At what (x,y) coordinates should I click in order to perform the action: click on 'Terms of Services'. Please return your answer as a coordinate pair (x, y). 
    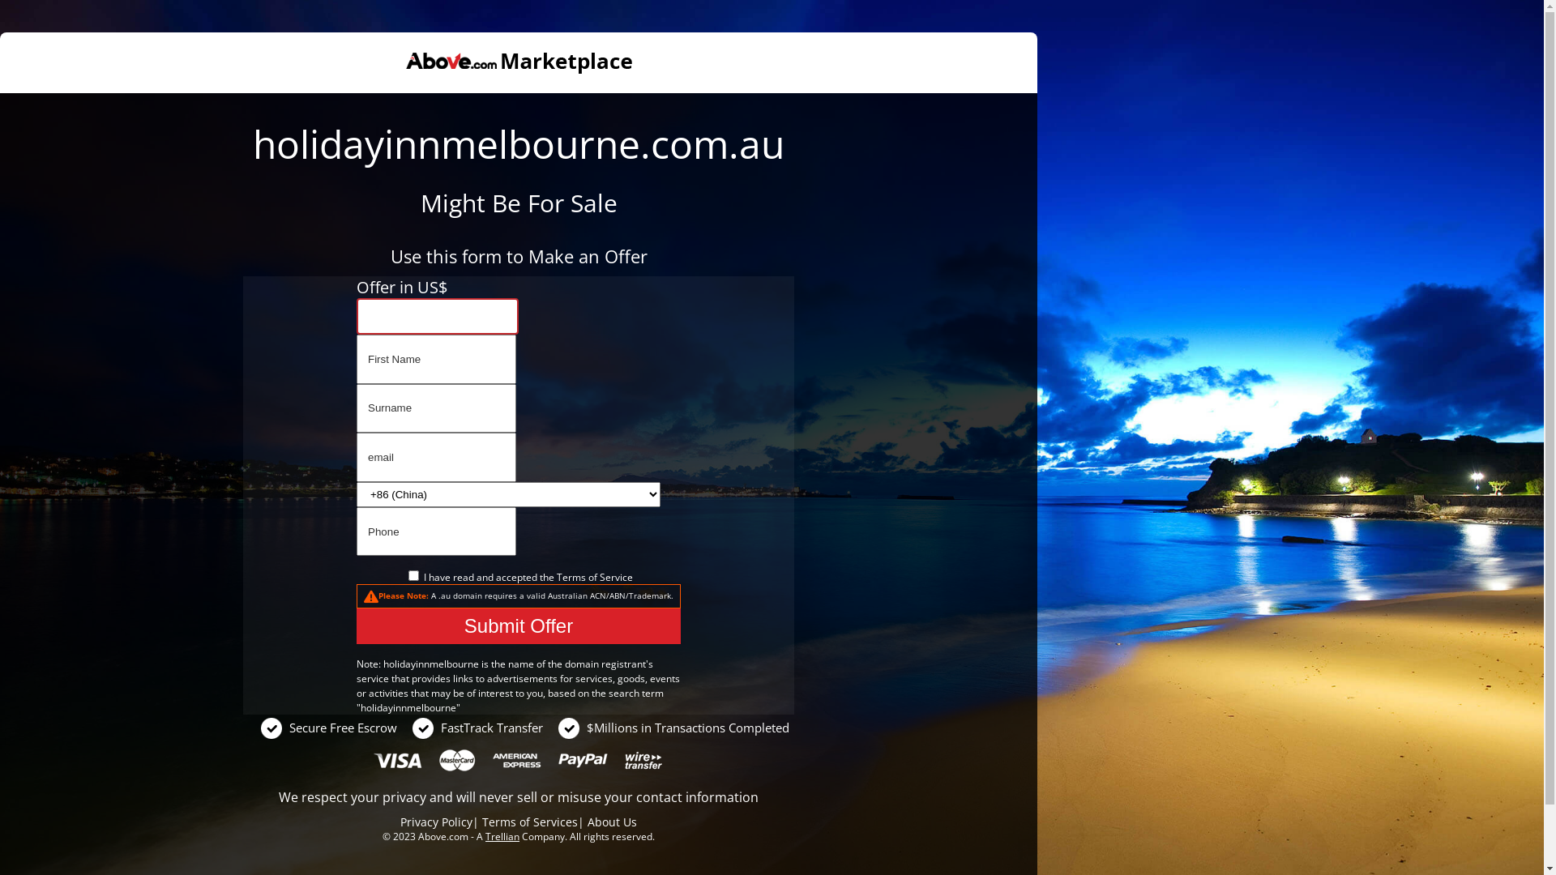
    Looking at the image, I should click on (529, 822).